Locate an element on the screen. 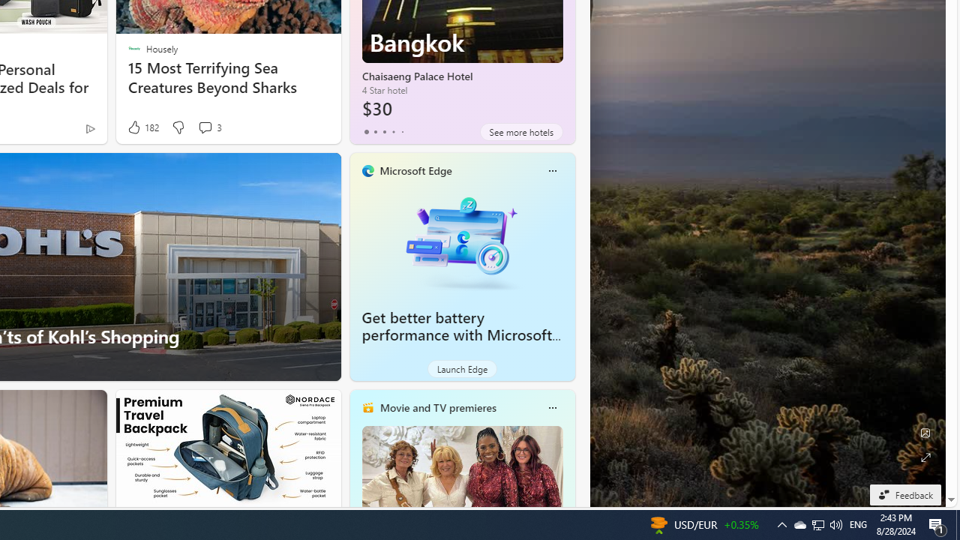  'tab-4' is located at coordinates (402, 131).